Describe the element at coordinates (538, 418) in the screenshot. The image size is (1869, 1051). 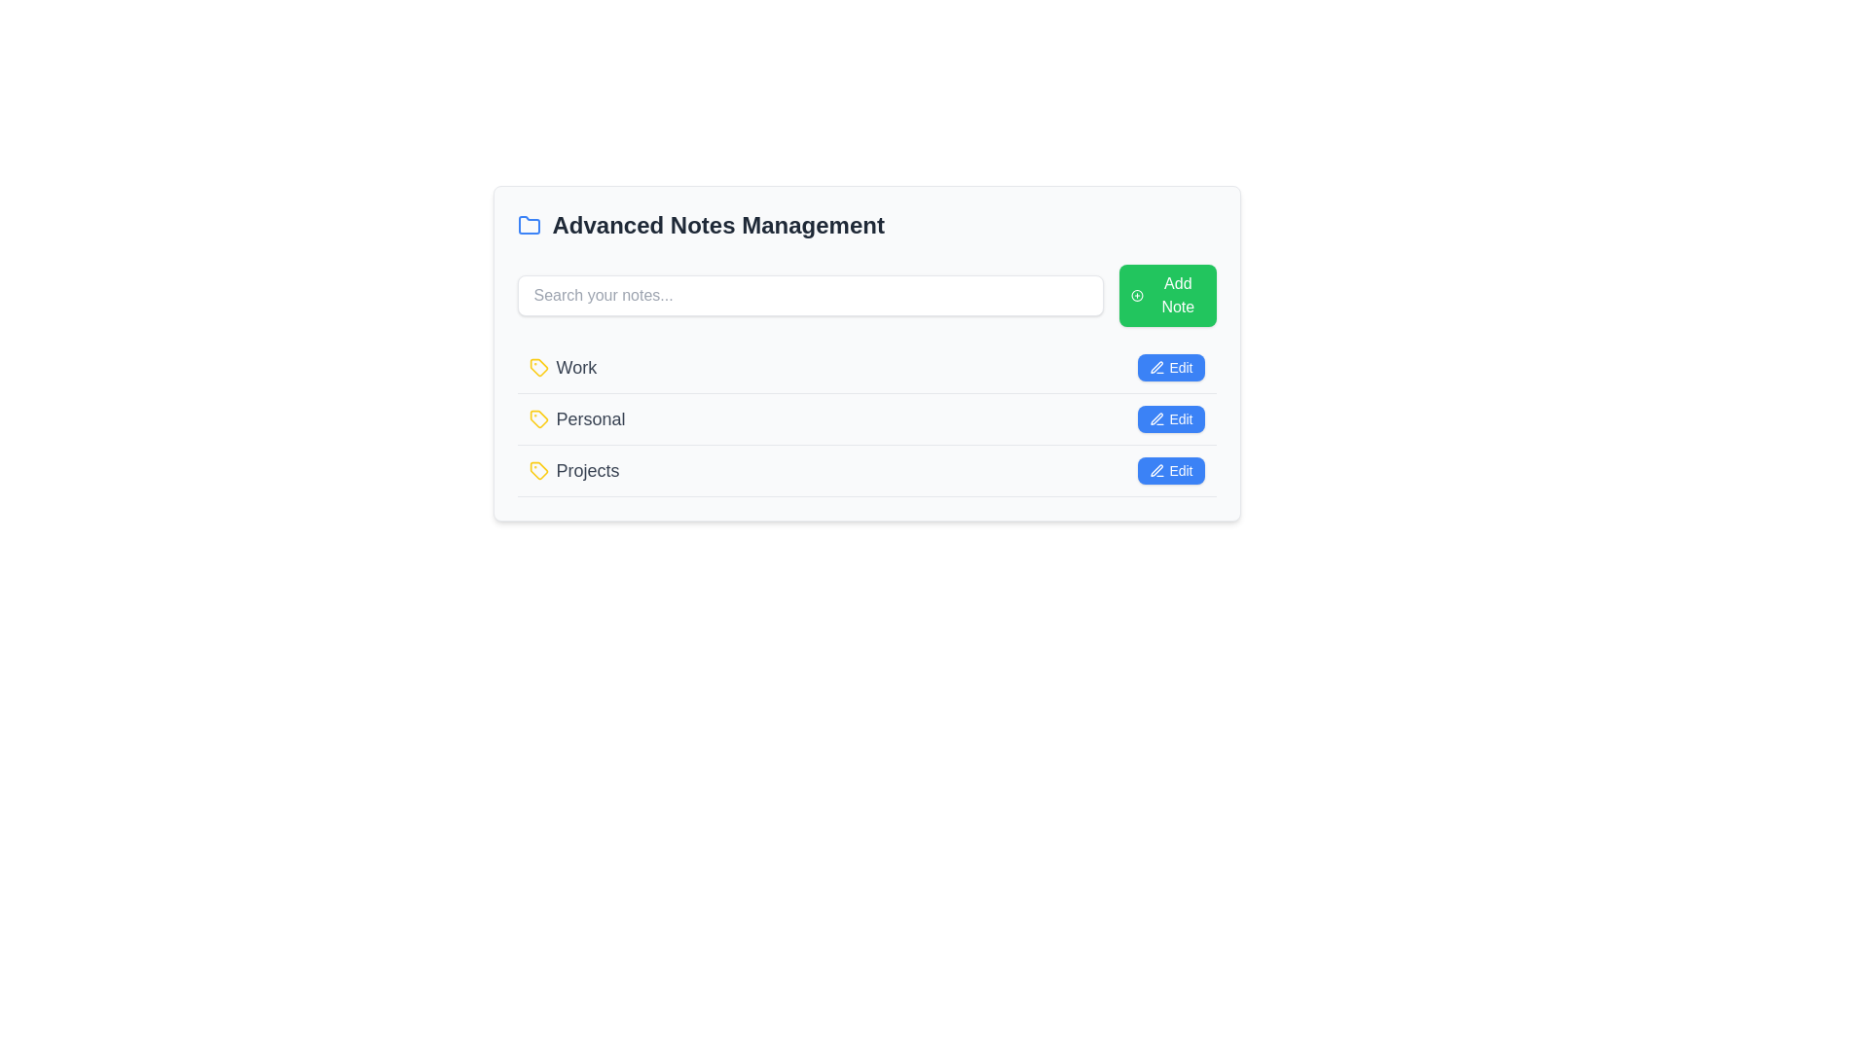
I see `the 'Personal' icon located to the left of the 'Personal' label in the vertical list, positioned between 'Work' and 'Projects'` at that location.